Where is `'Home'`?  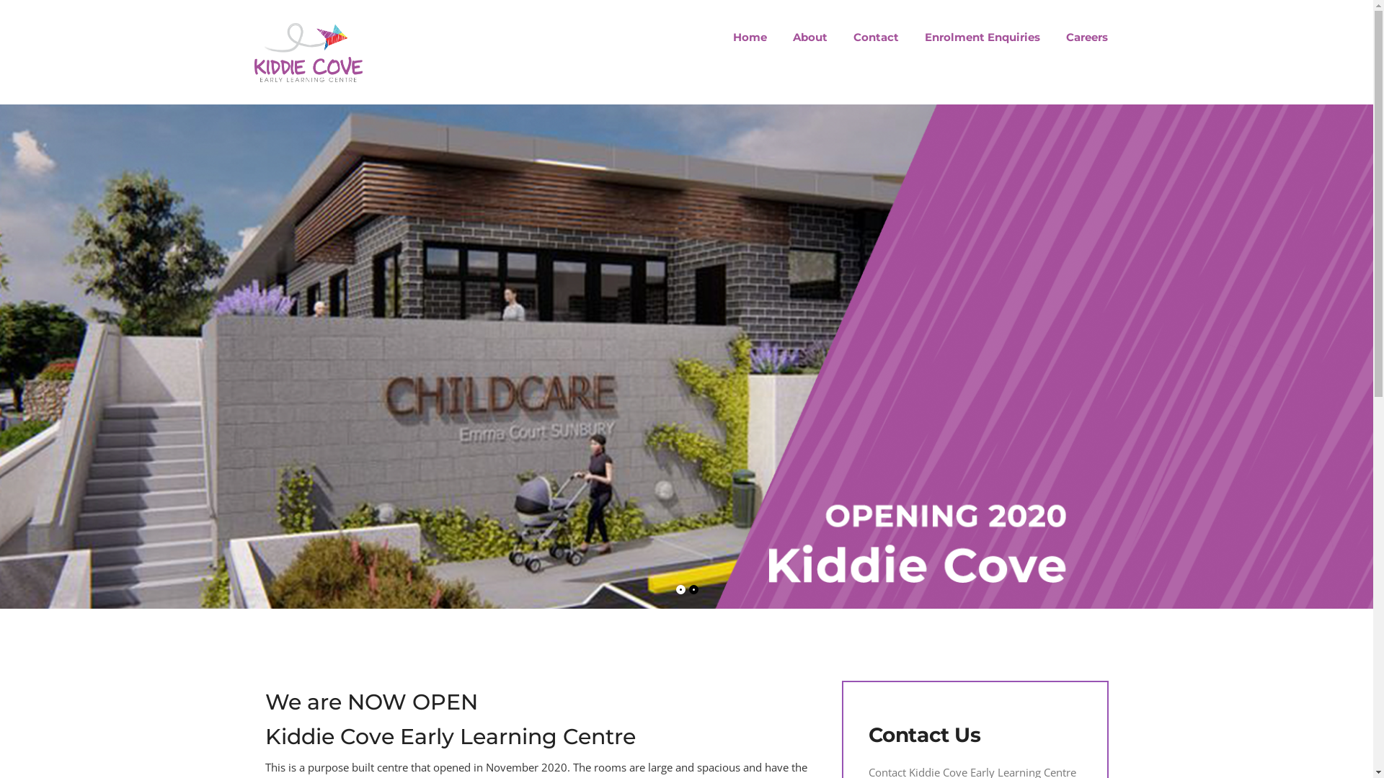 'Home' is located at coordinates (750, 36).